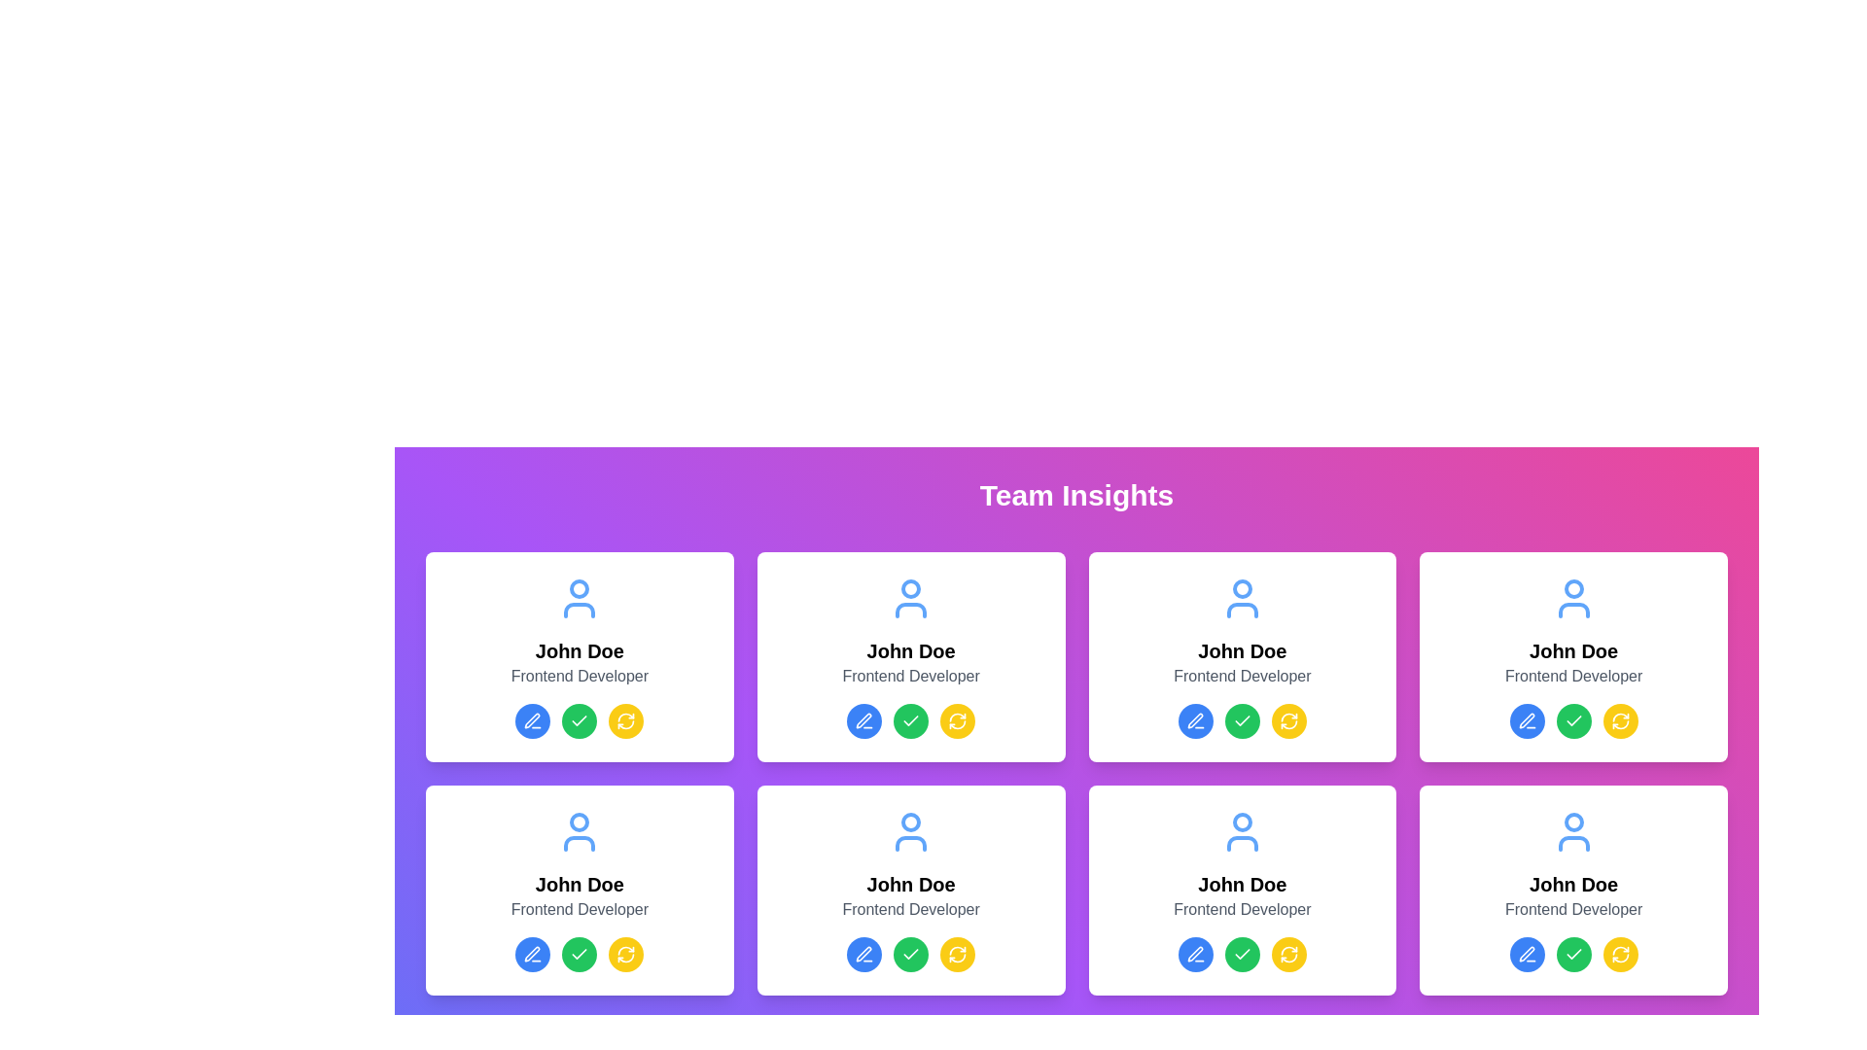 The height and width of the screenshot is (1050, 1867). I want to click on the text label that reads 'Frontend Developer' in gray font, located in the bottom-left region of the last card in the third row of the grid, so click(1241, 910).